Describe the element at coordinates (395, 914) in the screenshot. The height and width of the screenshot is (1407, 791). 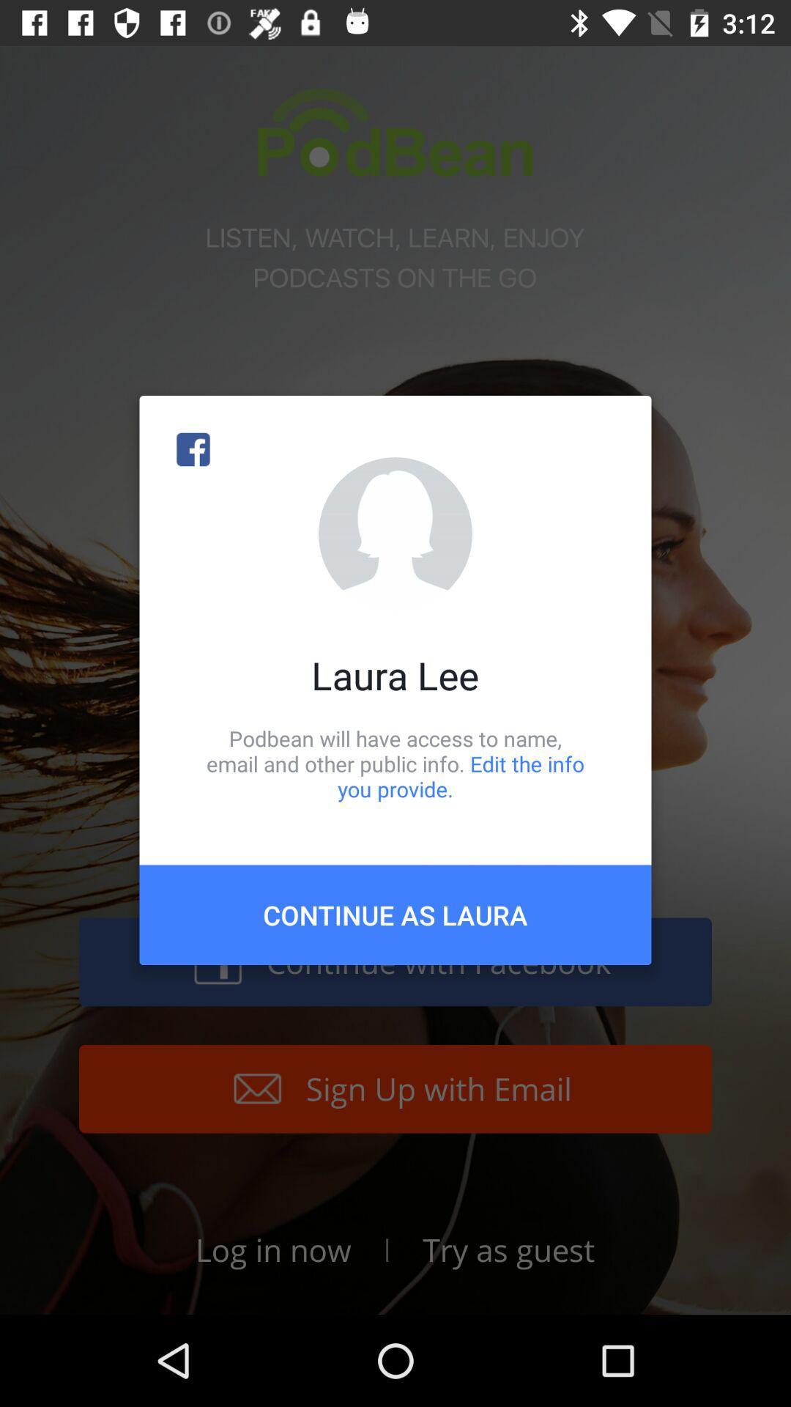
I see `continue as laura` at that location.